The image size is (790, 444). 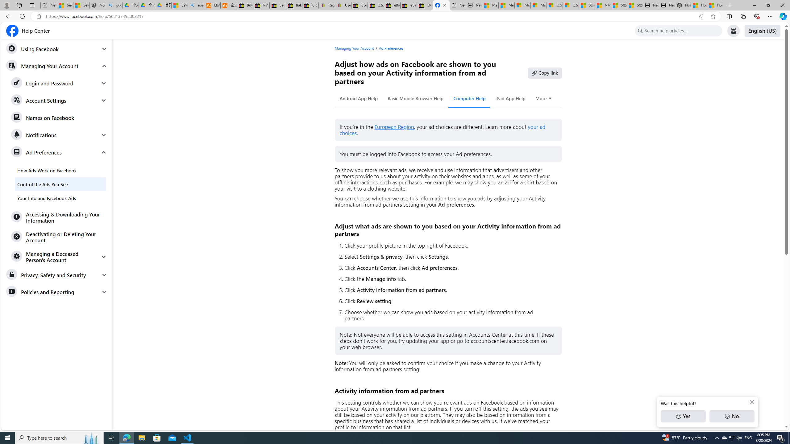 I want to click on 'iPad App Help', so click(x=510, y=98).